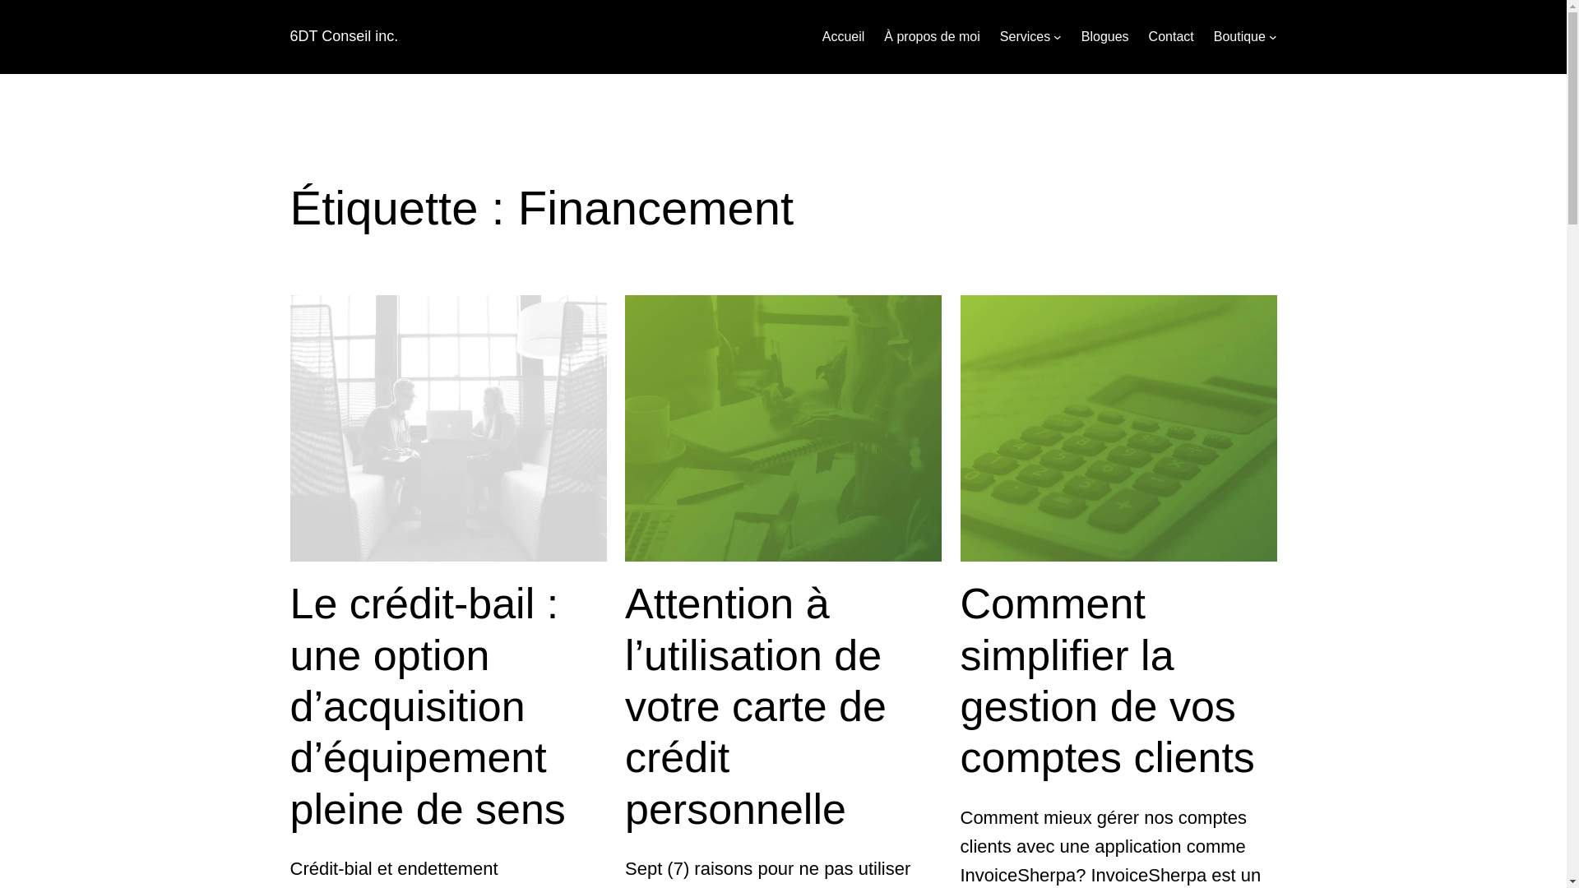  What do you see at coordinates (1239, 37) in the screenshot?
I see `'Boutique'` at bounding box center [1239, 37].